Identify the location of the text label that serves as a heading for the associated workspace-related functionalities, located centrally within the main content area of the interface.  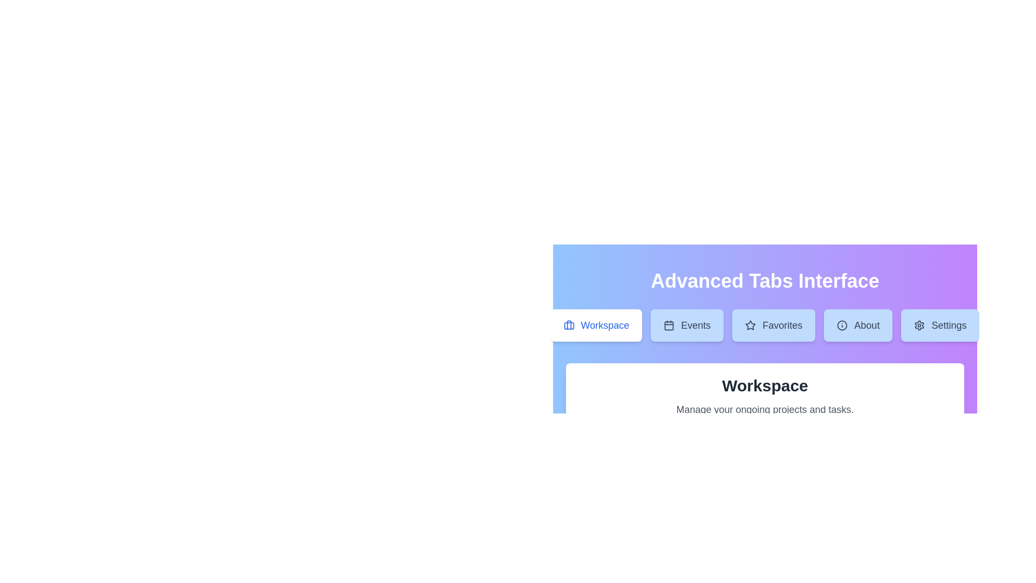
(764, 385).